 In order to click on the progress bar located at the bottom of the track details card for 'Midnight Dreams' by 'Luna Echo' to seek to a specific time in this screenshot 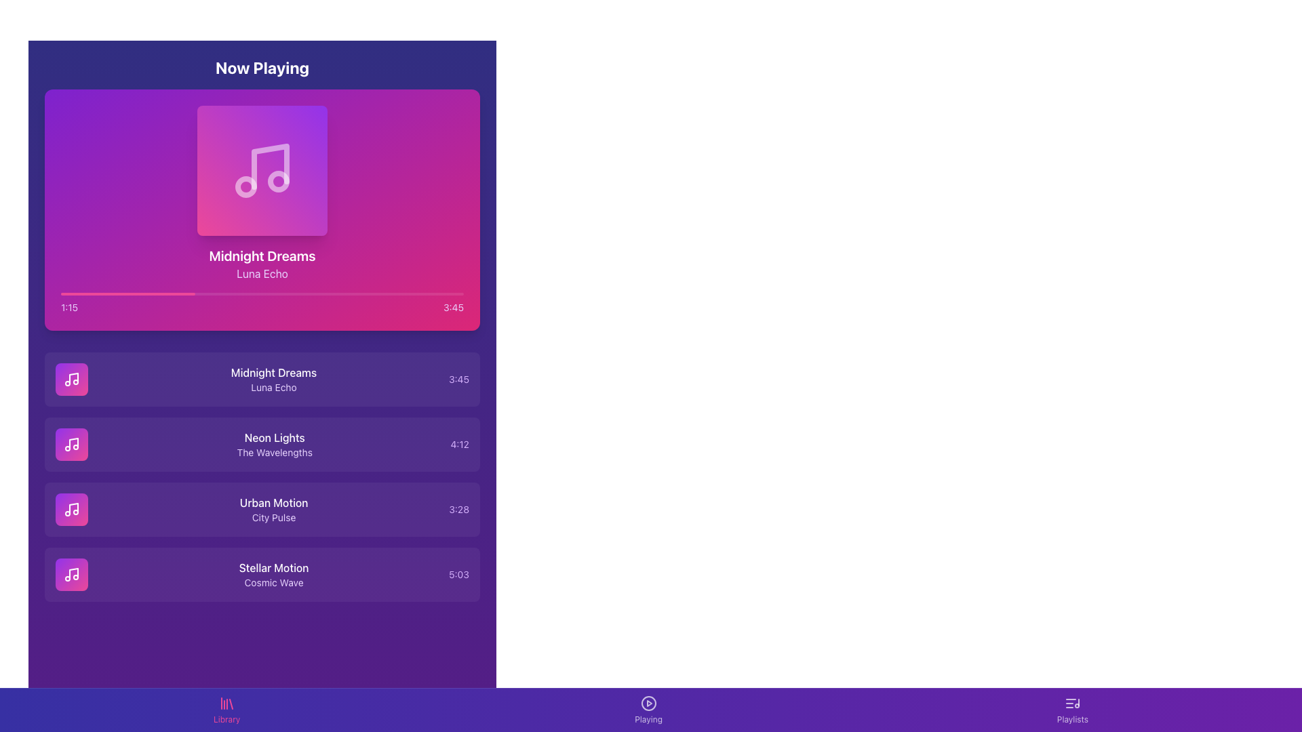, I will do `click(262, 302)`.